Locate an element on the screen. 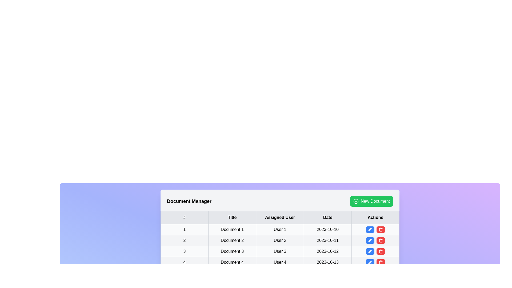 The height and width of the screenshot is (288, 512). the trash icon within the red button located in the 'Actions' column of the last row is located at coordinates (381, 241).